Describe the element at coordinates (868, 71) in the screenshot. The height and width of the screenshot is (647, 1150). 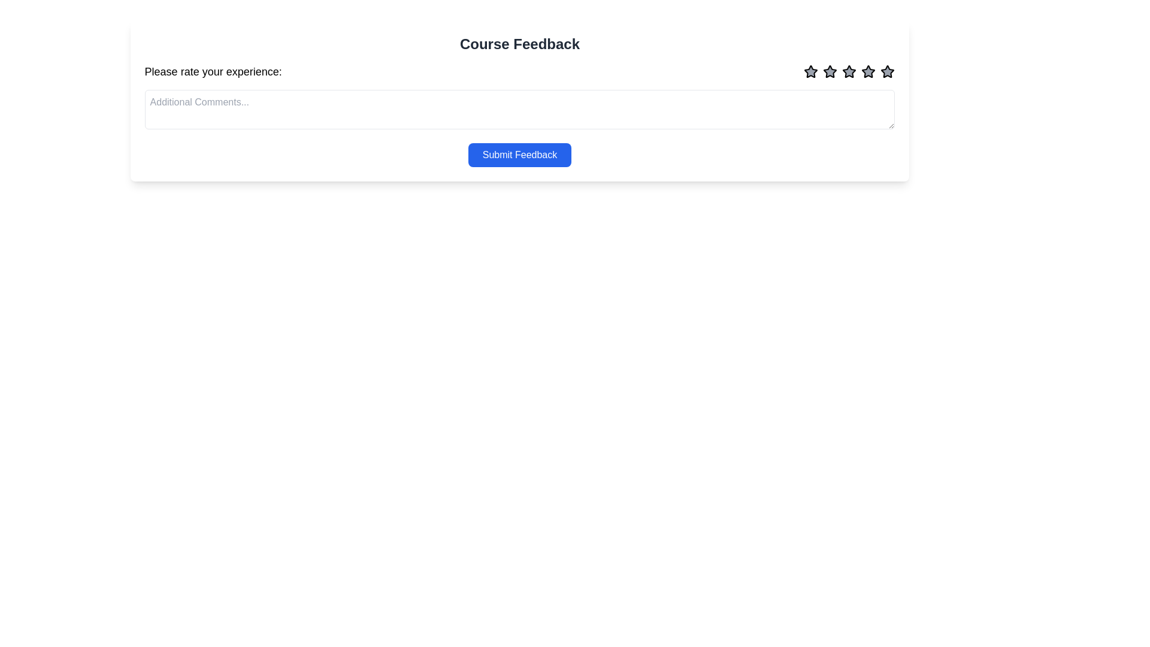
I see `the fourth star in the five-star rating system for the 'Course Feedback' form` at that location.